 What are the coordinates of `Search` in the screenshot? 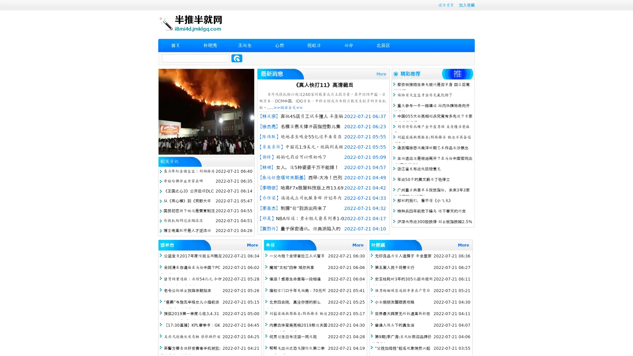 It's located at (237, 58).